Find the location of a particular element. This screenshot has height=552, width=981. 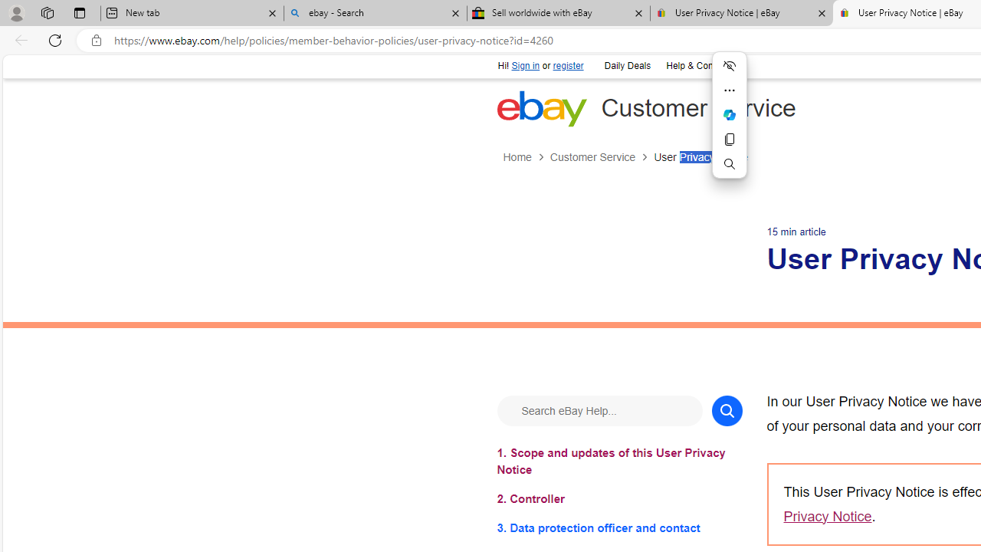

'Customer Service' is located at coordinates (601, 157).